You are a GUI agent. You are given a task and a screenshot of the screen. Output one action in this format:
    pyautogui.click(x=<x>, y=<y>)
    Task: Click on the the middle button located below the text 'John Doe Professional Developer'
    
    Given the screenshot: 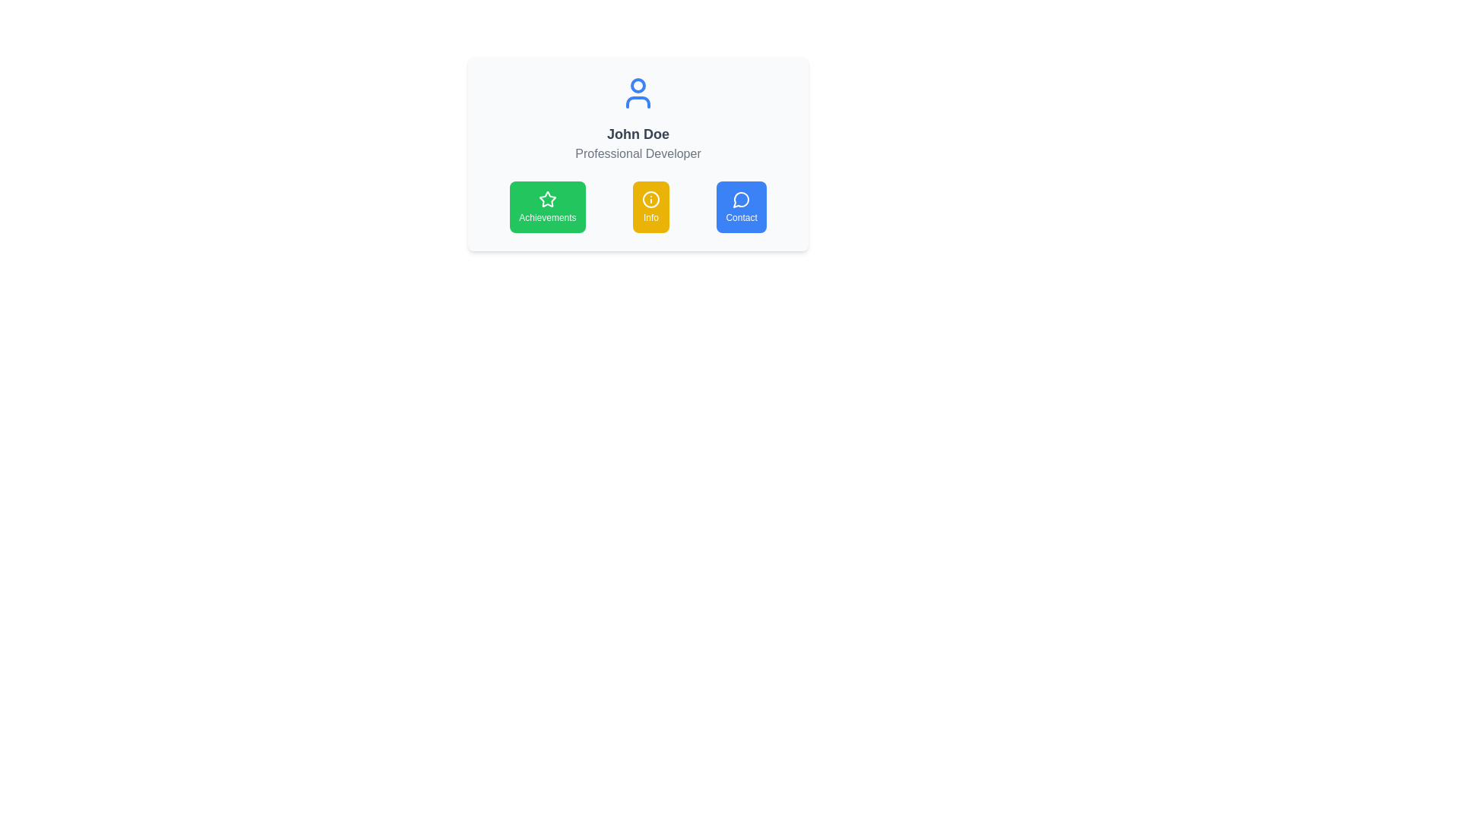 What is the action you would take?
    pyautogui.click(x=651, y=207)
    